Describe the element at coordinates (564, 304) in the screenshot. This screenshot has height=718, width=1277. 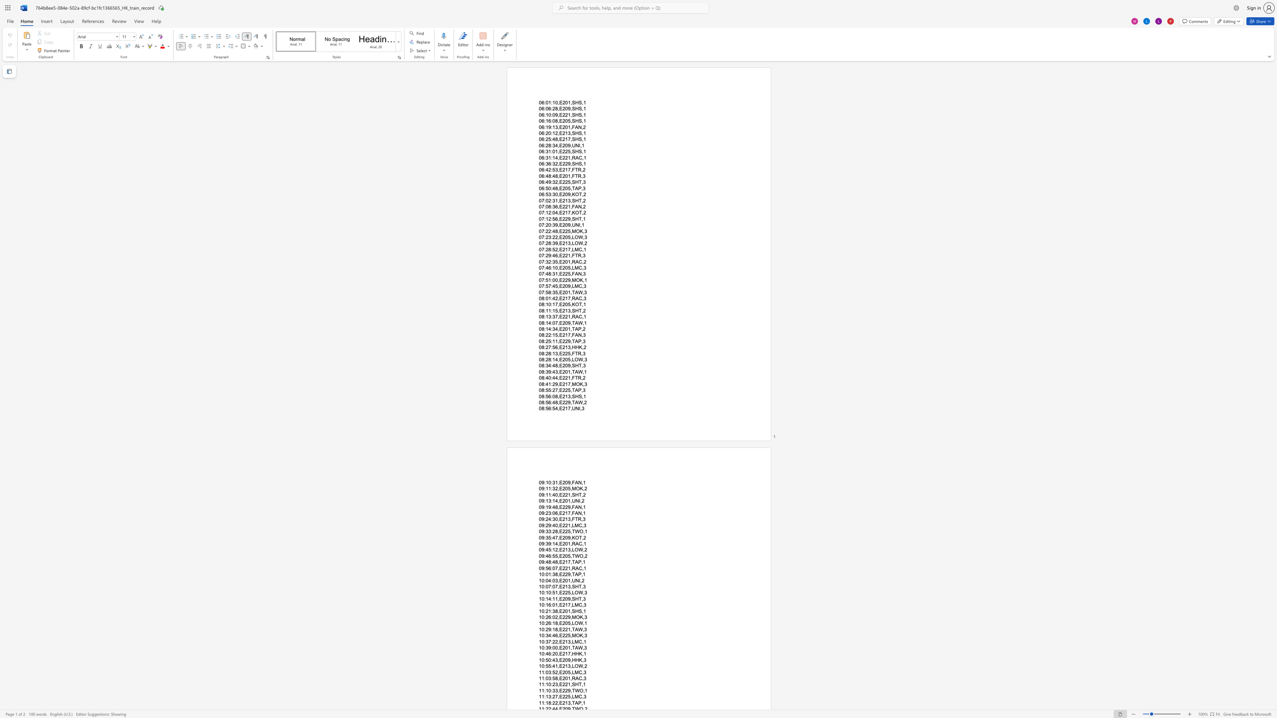
I see `the subset text "05,KO" within the text "08:10:17,E205,KOT,1"` at that location.